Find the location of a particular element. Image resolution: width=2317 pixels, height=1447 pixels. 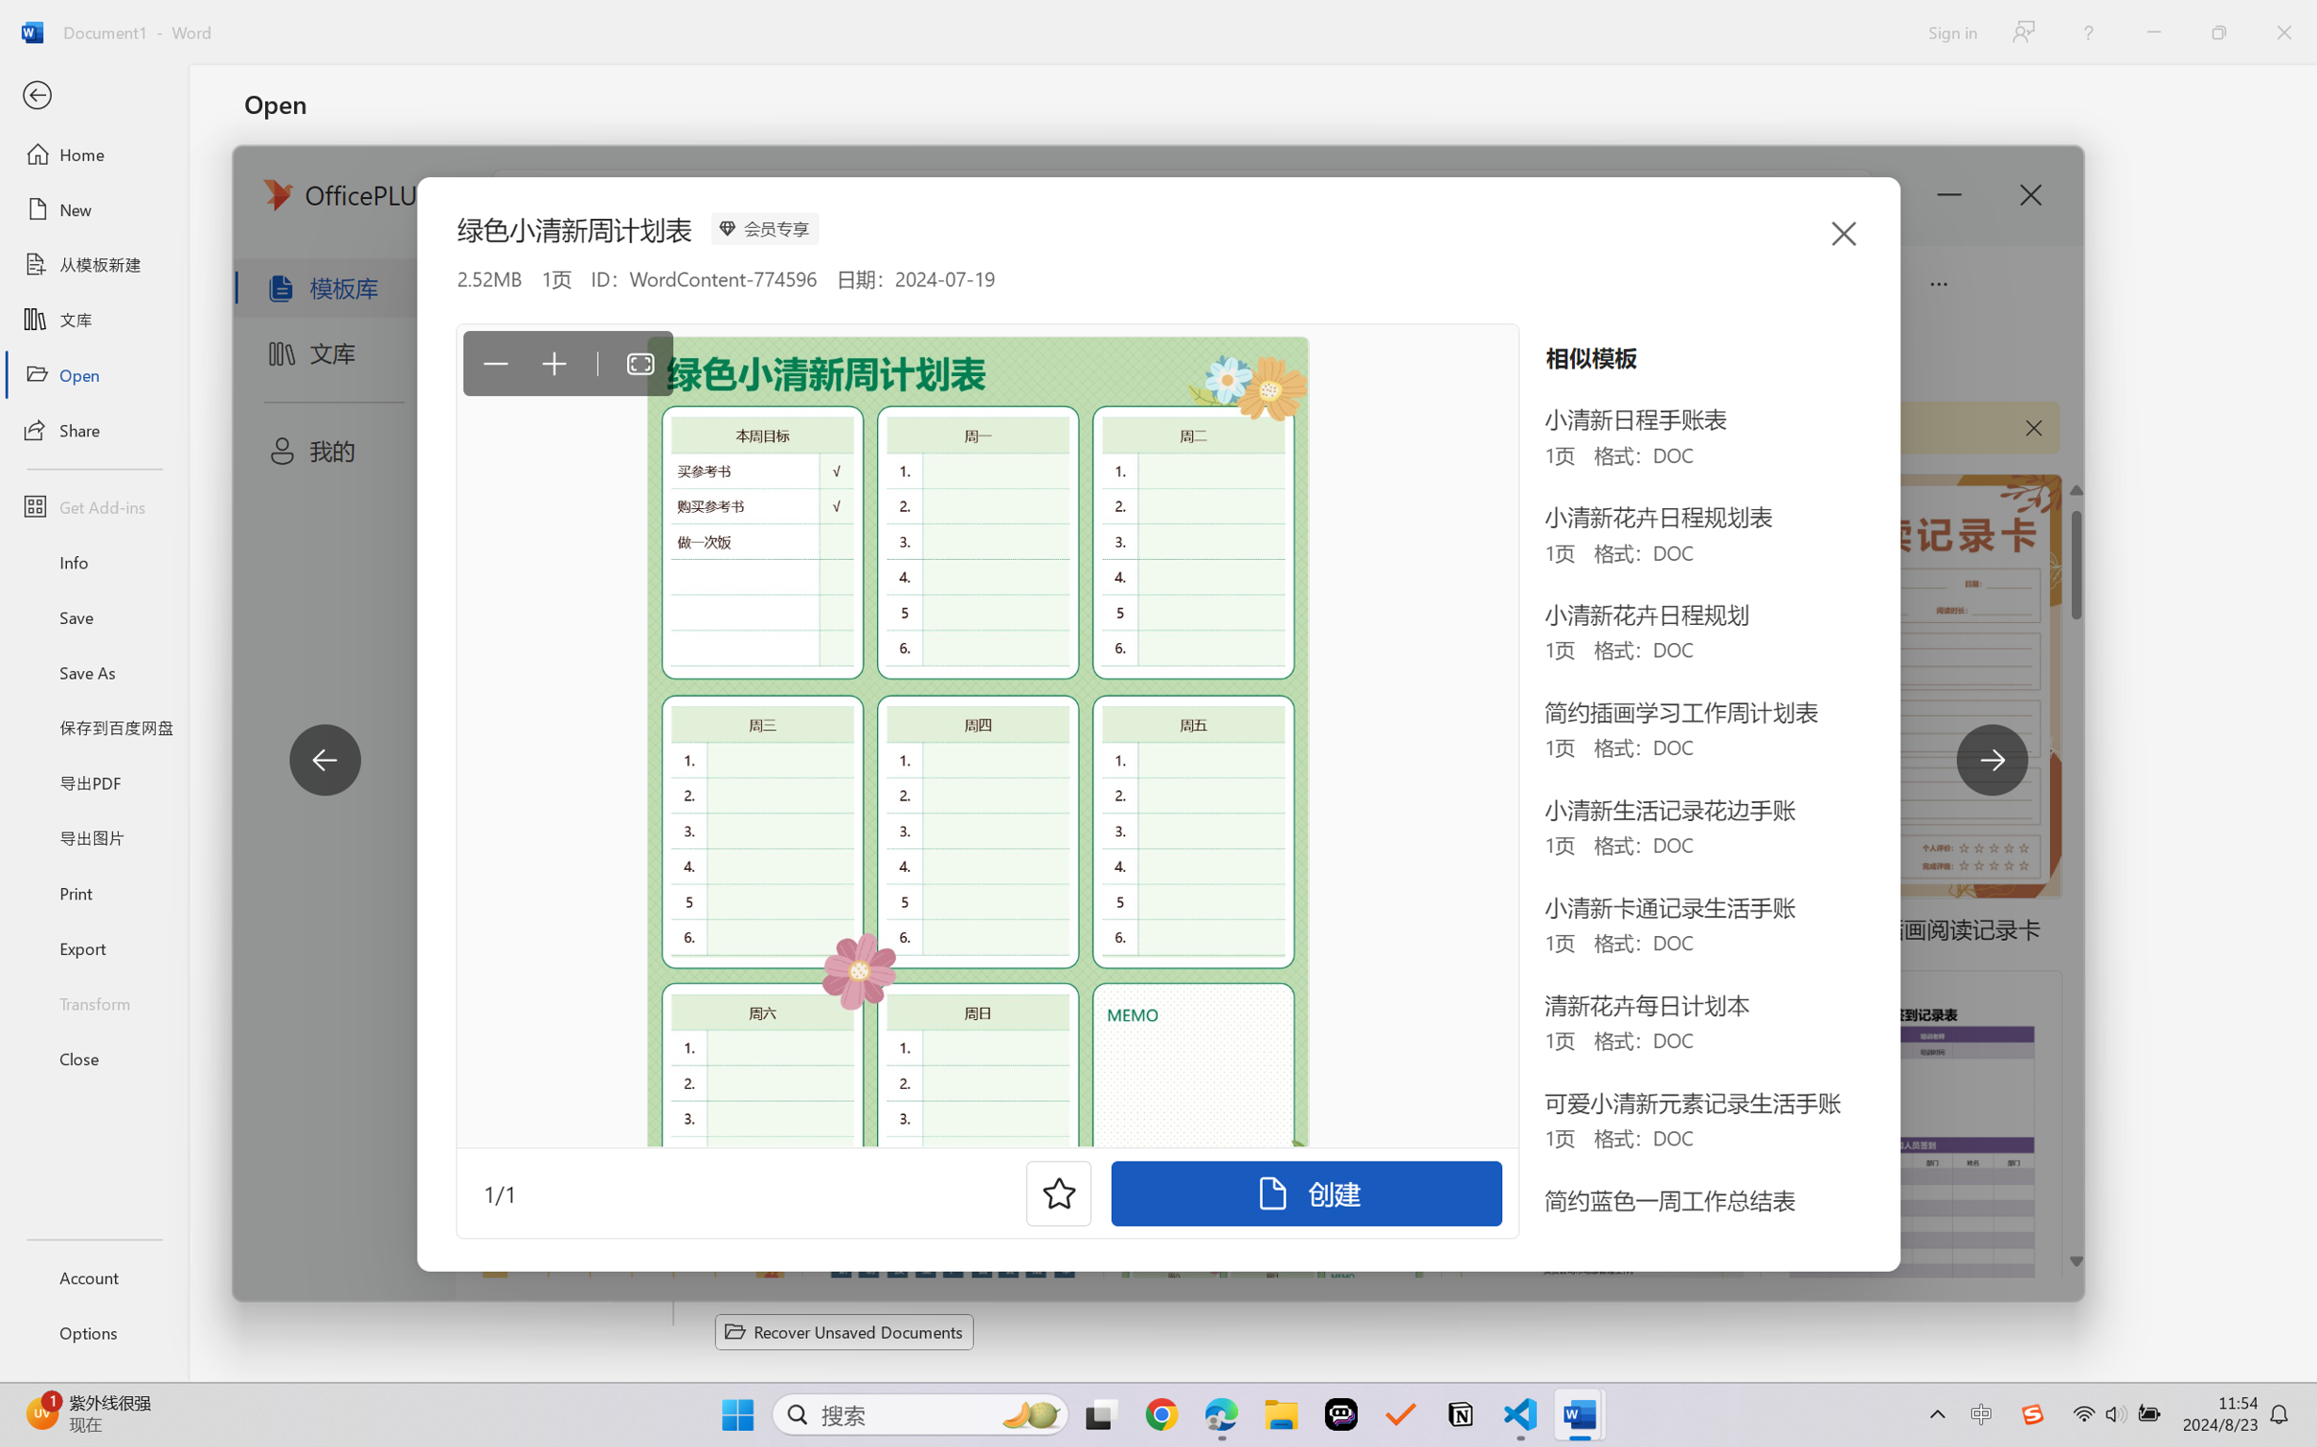

'Info' is located at coordinates (93, 561).